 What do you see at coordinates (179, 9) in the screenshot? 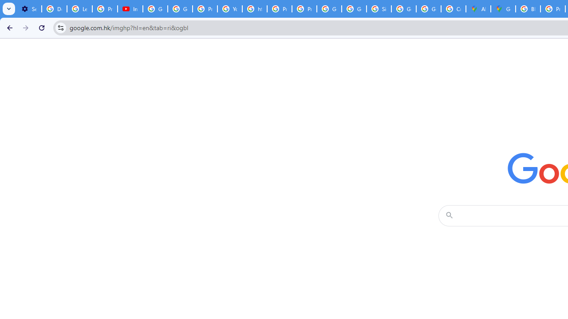
I see `'Google Account Help'` at bounding box center [179, 9].